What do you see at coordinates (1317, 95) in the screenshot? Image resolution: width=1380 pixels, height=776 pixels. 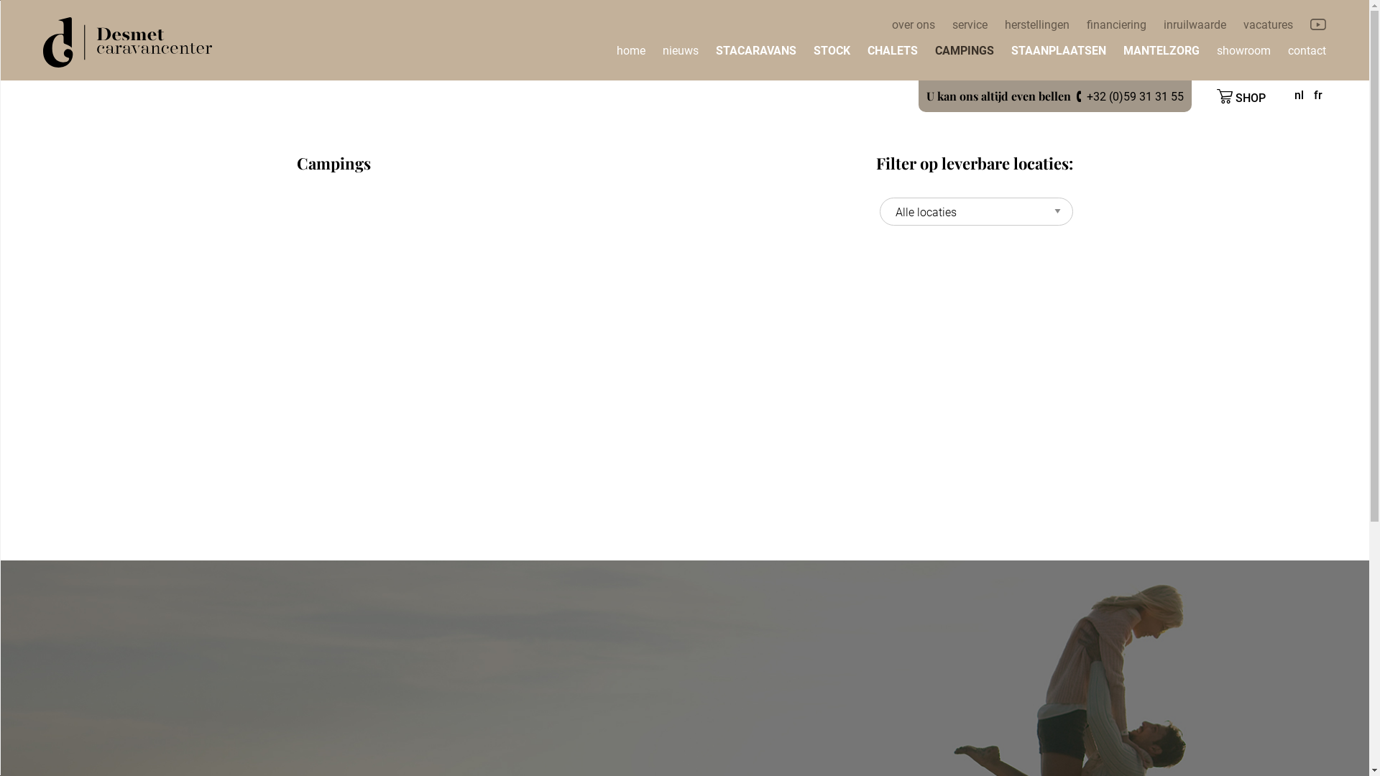 I see `'fr'` at bounding box center [1317, 95].